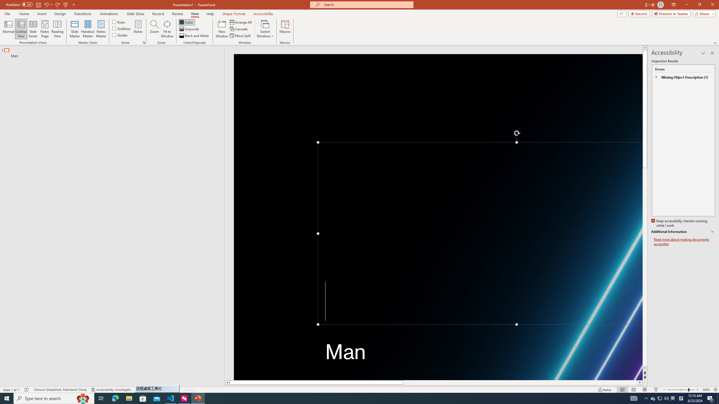 The image size is (719, 404). What do you see at coordinates (154, 29) in the screenshot?
I see `'Zoom...'` at bounding box center [154, 29].